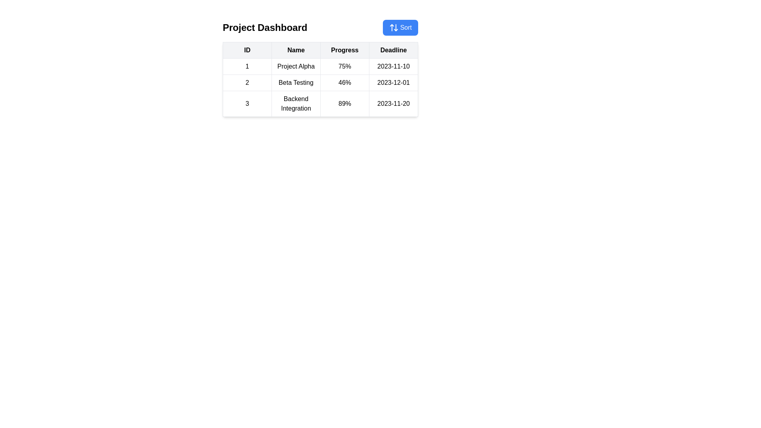 The height and width of the screenshot is (428, 761). What do you see at coordinates (320, 66) in the screenshot?
I see `data within the first row of the project dashboard table, which displays project details such as ID, name, percentage progress, and deadline` at bounding box center [320, 66].